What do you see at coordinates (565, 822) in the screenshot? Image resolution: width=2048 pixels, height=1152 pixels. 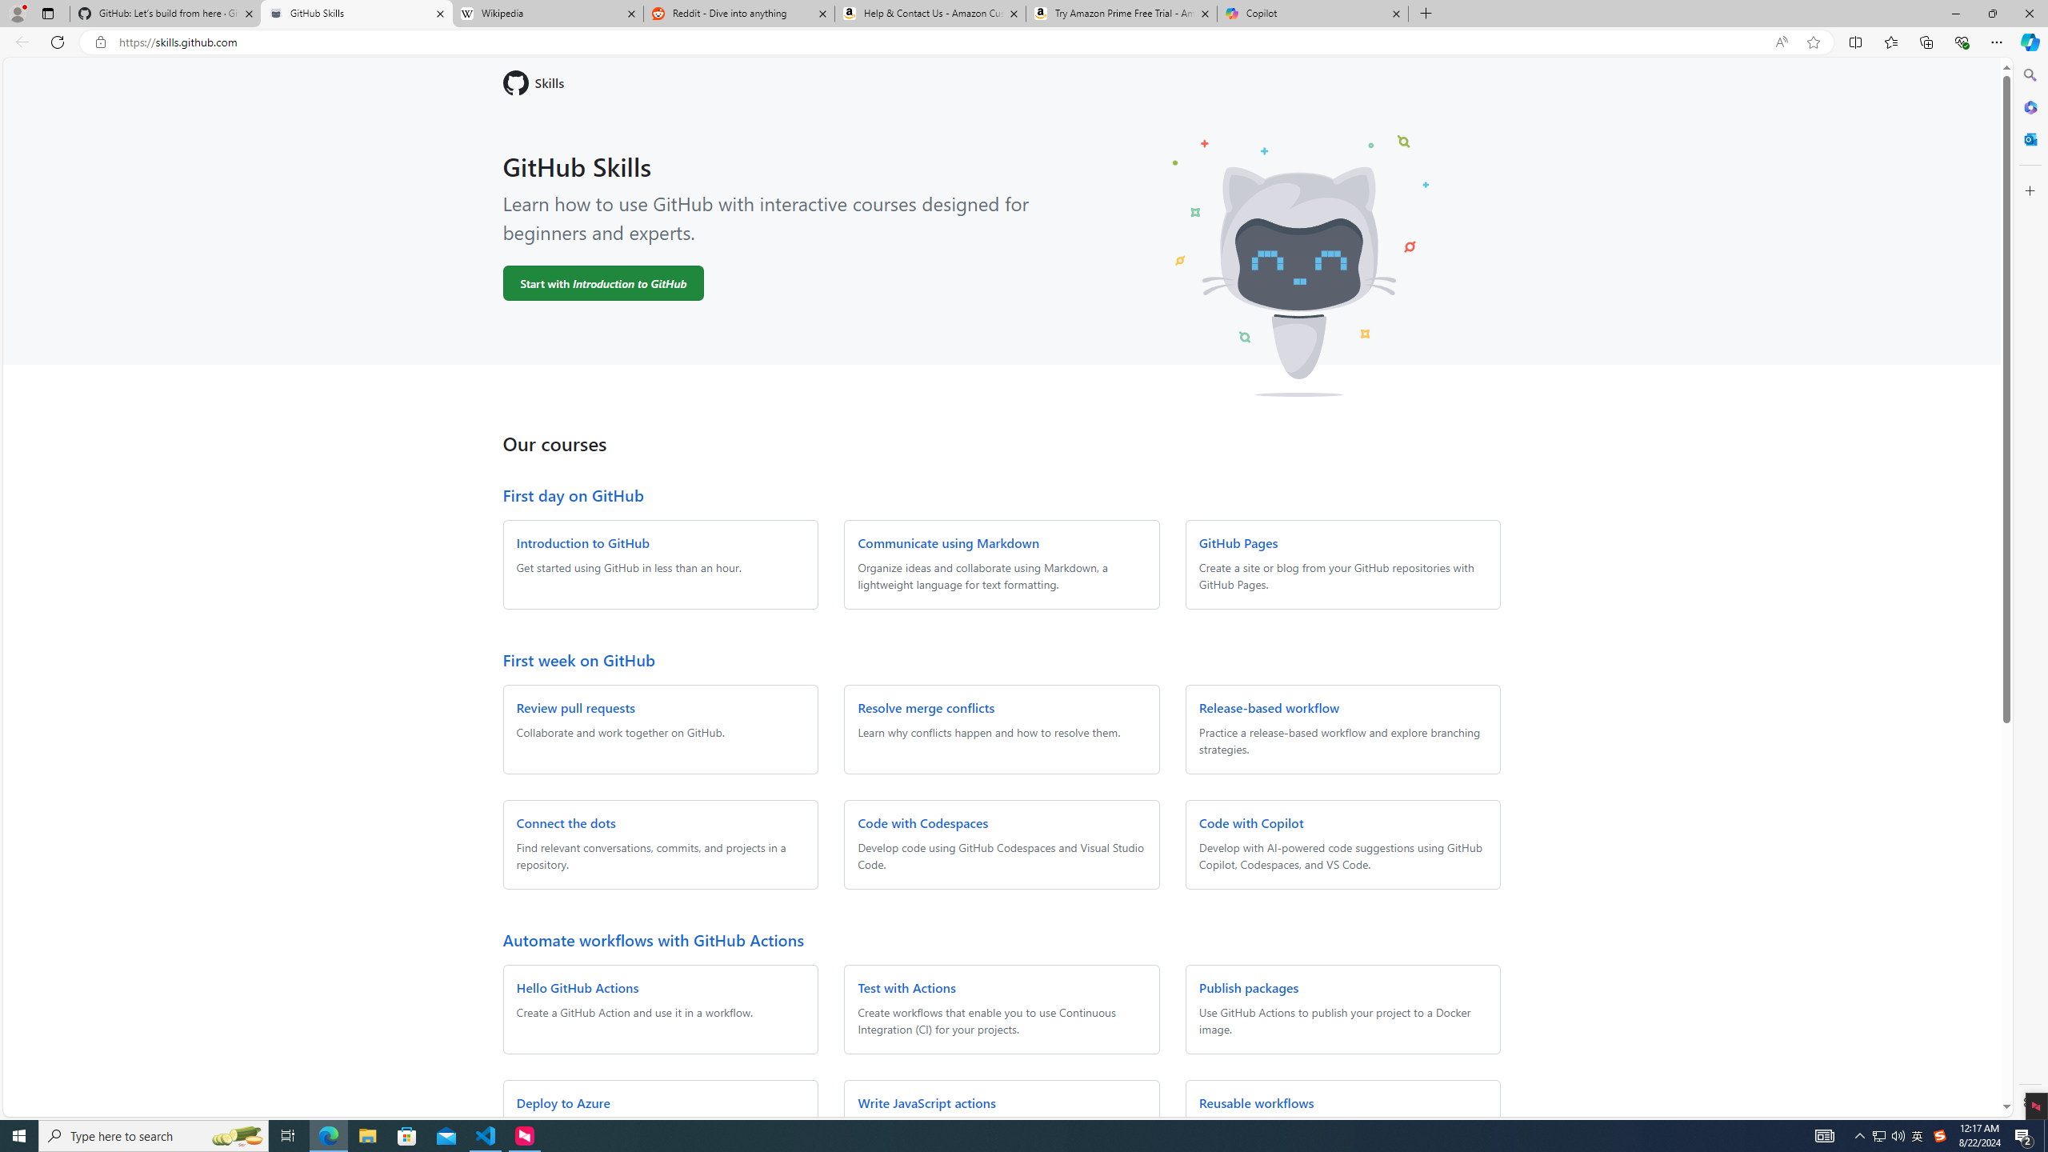 I see `'Connect the dots'` at bounding box center [565, 822].